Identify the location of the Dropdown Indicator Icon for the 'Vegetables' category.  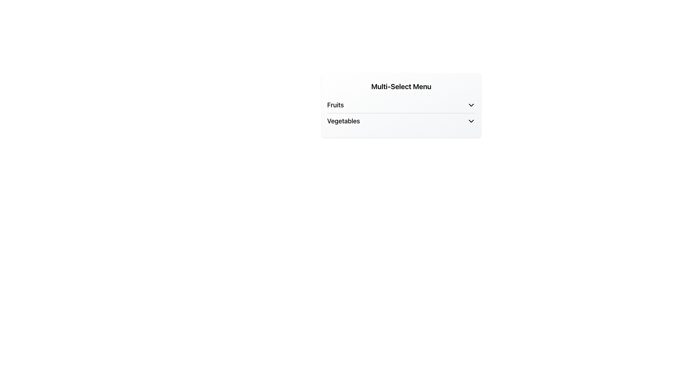
(471, 120).